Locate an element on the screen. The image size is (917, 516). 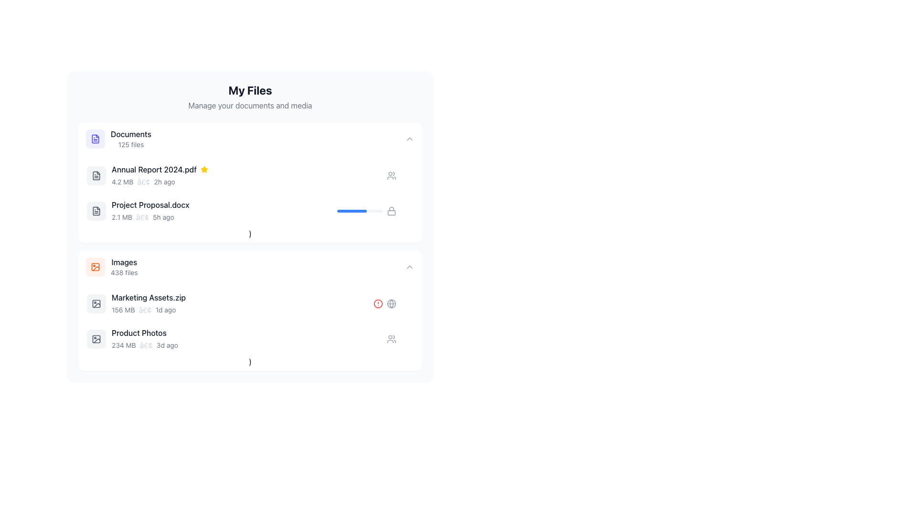
the file listing section titled 'Documents' that contains 'Annual Report 2024.pdf' and 'Project Proposal.docx' for further actions is located at coordinates (250, 183).